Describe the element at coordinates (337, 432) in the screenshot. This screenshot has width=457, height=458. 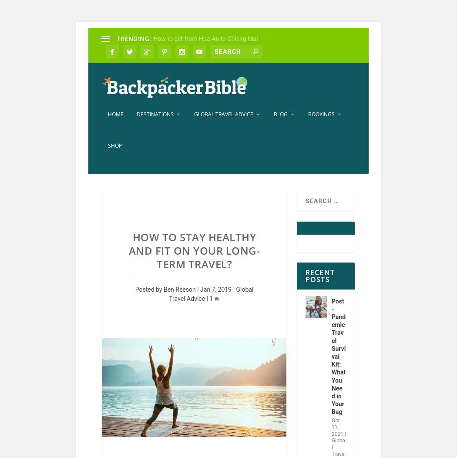
I see `'Oct 11, 2021'` at that location.